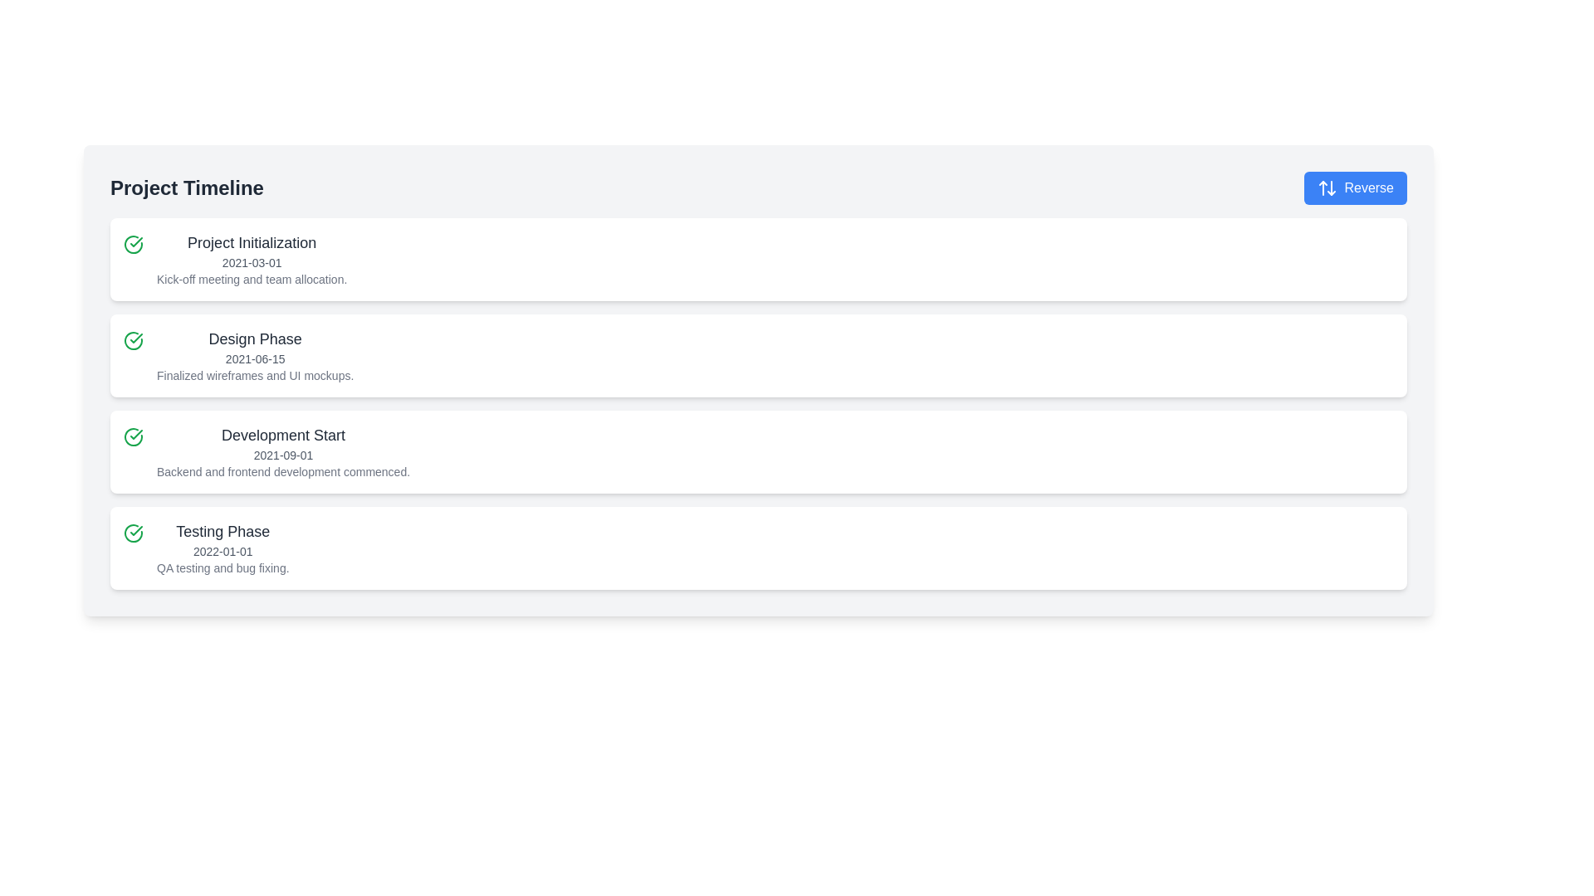 This screenshot has height=896, width=1594. I want to click on the green checkmark SVG icon that indicates a completed status in the second row of the vertical list of steps, positioned between 'Project Initialization' and 'Development Start', so click(136, 242).